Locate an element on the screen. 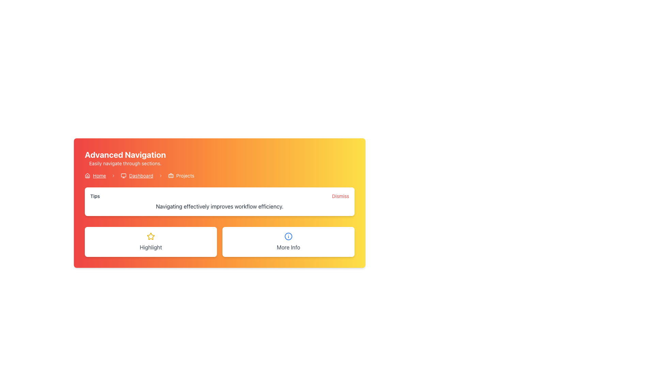 This screenshot has height=368, width=654. the 'Home' icon in the breadcrumb navigation to trigger the tooltip is located at coordinates (87, 175).